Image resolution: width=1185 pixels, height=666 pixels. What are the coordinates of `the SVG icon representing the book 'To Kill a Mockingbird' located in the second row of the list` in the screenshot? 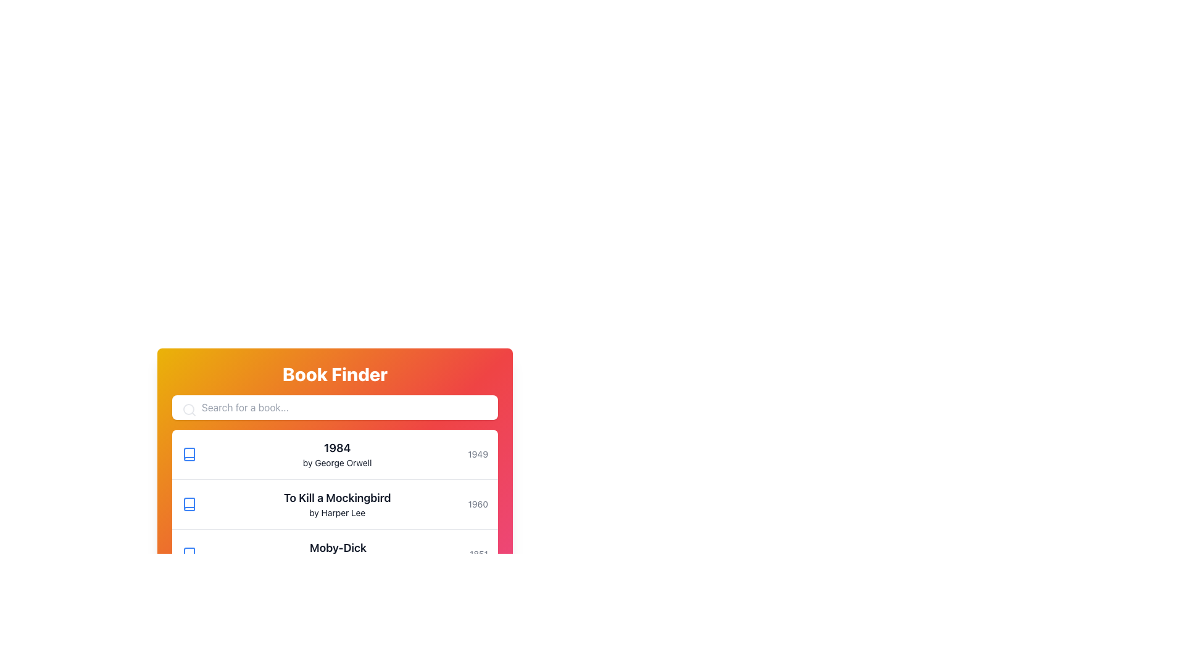 It's located at (189, 504).